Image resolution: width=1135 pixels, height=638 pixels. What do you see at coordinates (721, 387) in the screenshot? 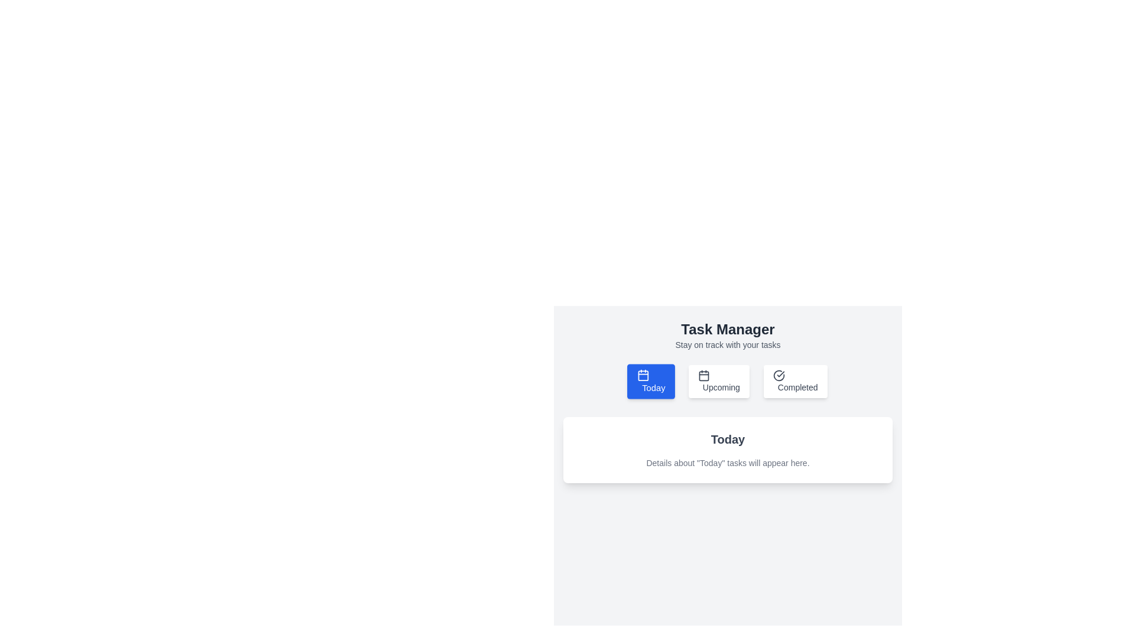
I see `the central text label of the navigation button, which indicates its purpose for upcoming tasks, located between the 'Today' and 'Completed' buttons under the 'Task Manager' title` at bounding box center [721, 387].